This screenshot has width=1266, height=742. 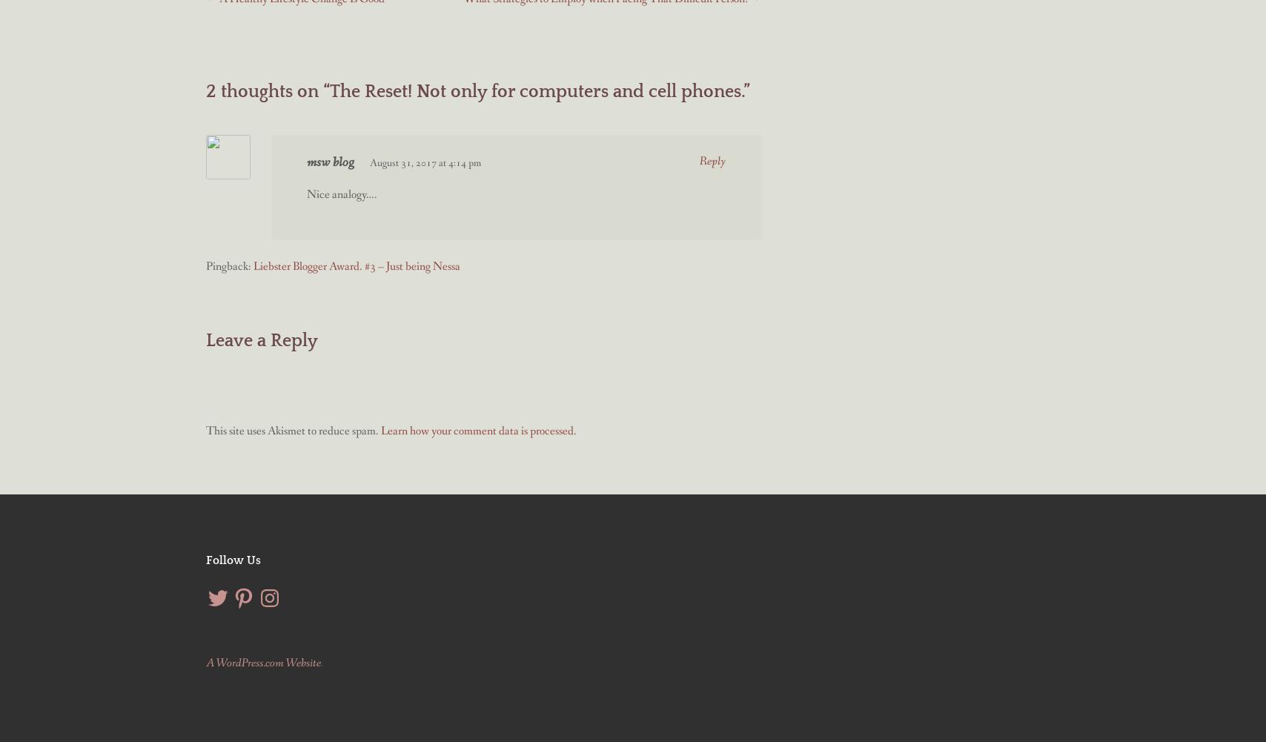 I want to click on 'Nice analogy….', so click(x=342, y=193).